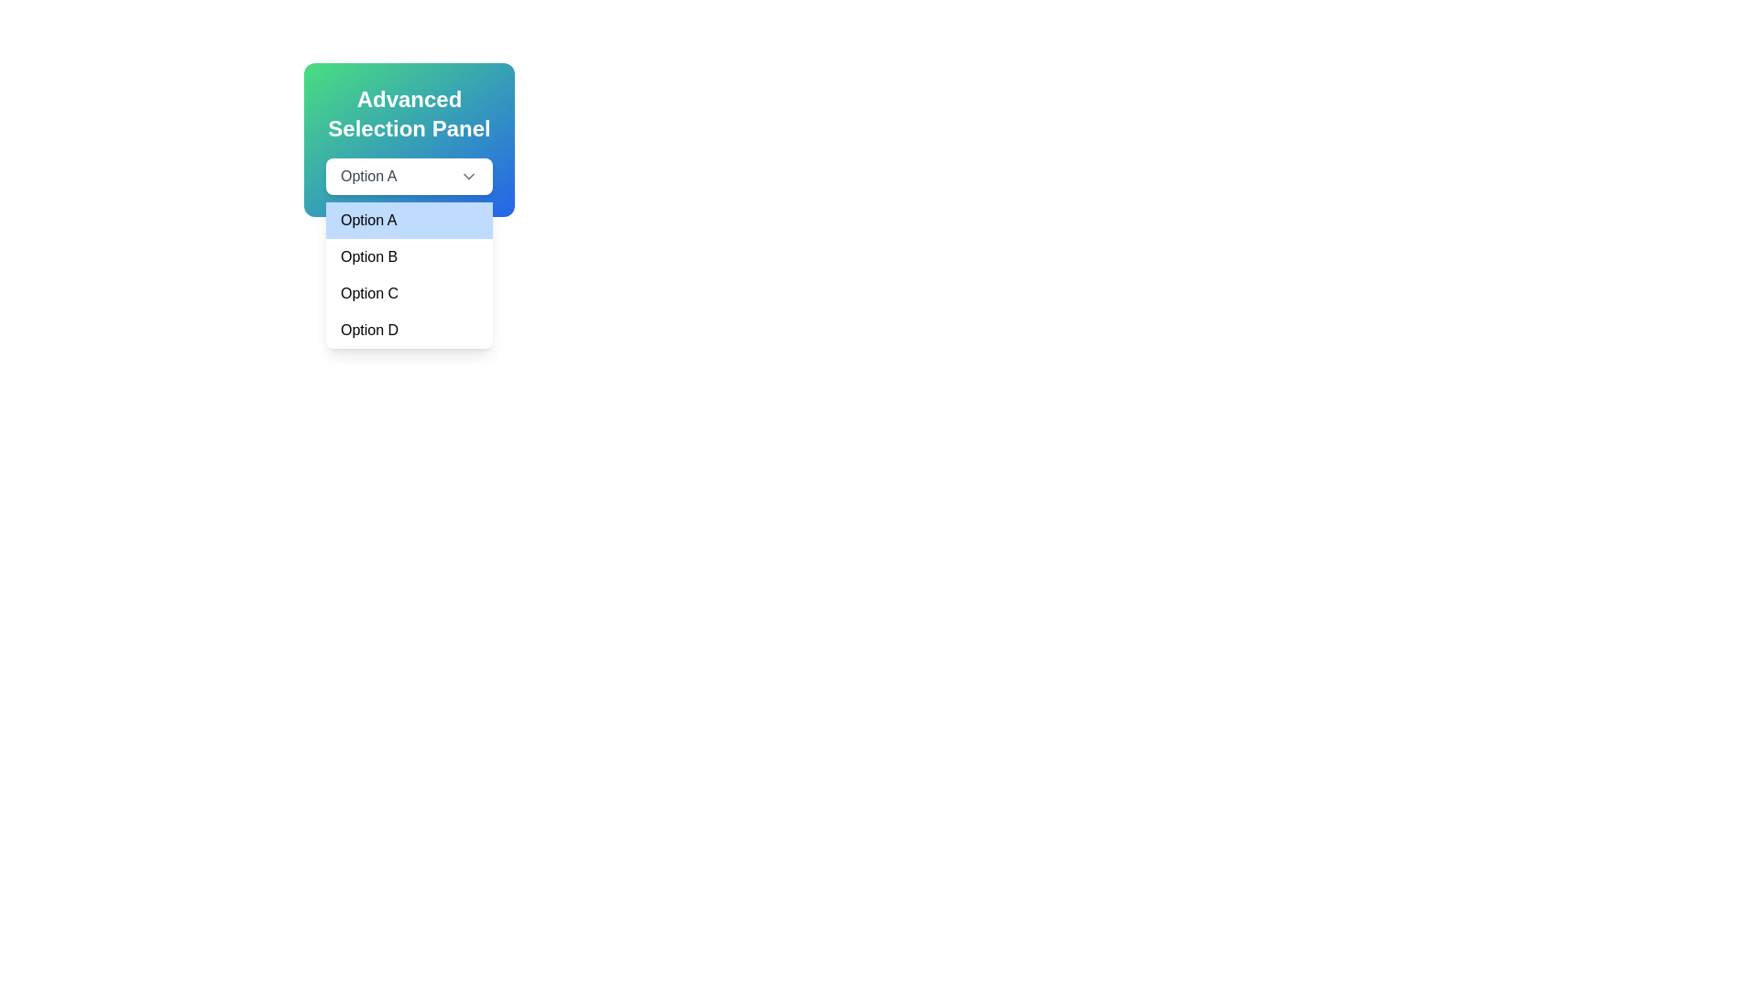 The width and height of the screenshot is (1759, 989). What do you see at coordinates (469, 176) in the screenshot?
I see `the downward-pointing chevron icon located at the far-right side of the 'Option A' button` at bounding box center [469, 176].